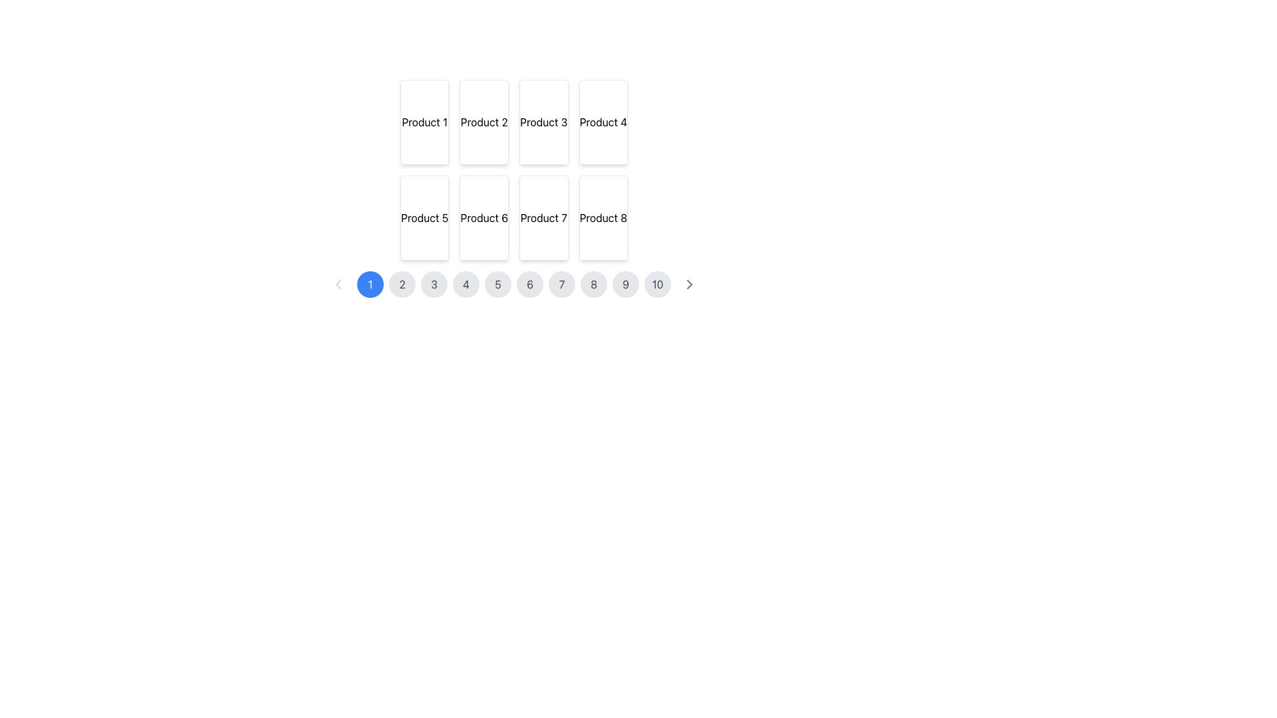 The image size is (1277, 718). Describe the element at coordinates (497, 284) in the screenshot. I see `the pagination button that directs to page 5` at that location.